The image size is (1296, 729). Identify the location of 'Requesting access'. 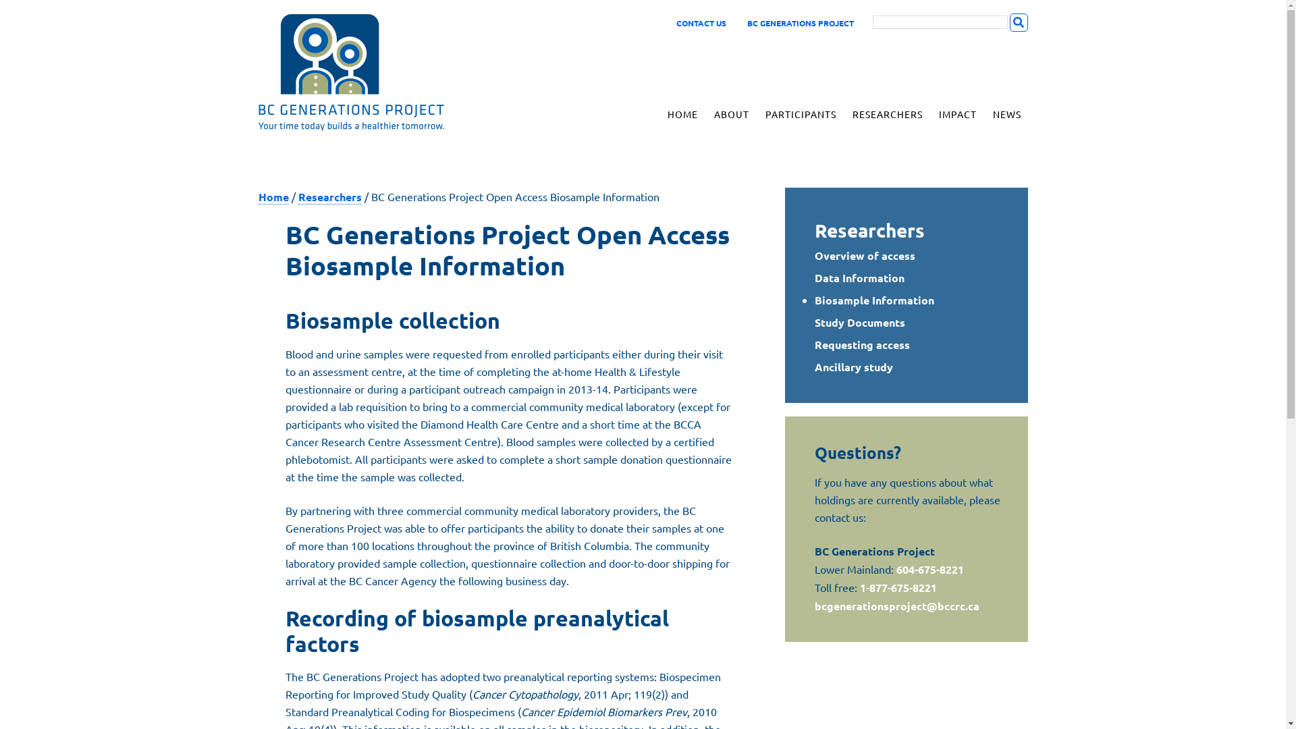
(861, 344).